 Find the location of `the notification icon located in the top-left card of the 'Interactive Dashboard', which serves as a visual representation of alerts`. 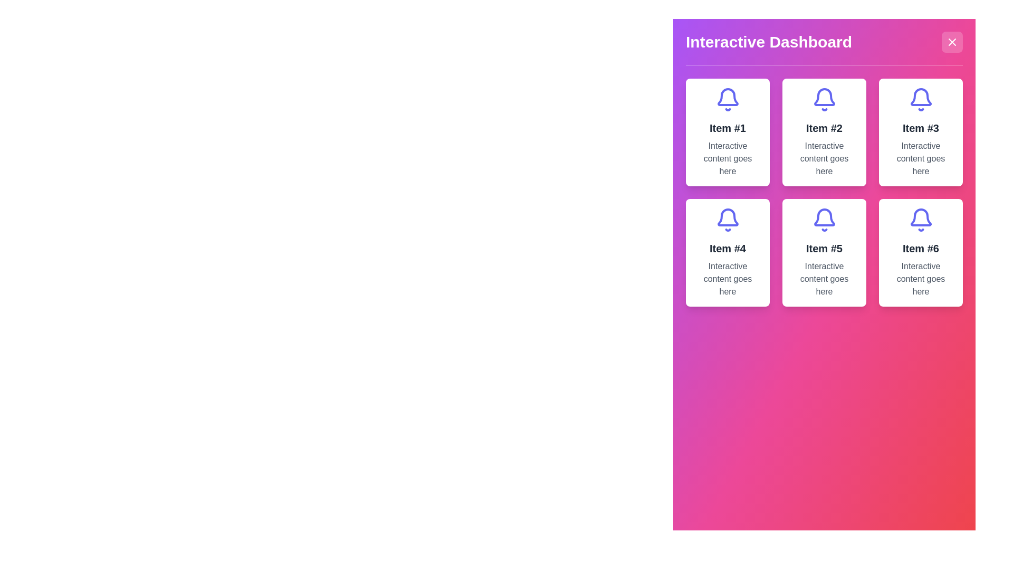

the notification icon located in the top-left card of the 'Interactive Dashboard', which serves as a visual representation of alerts is located at coordinates (727, 97).